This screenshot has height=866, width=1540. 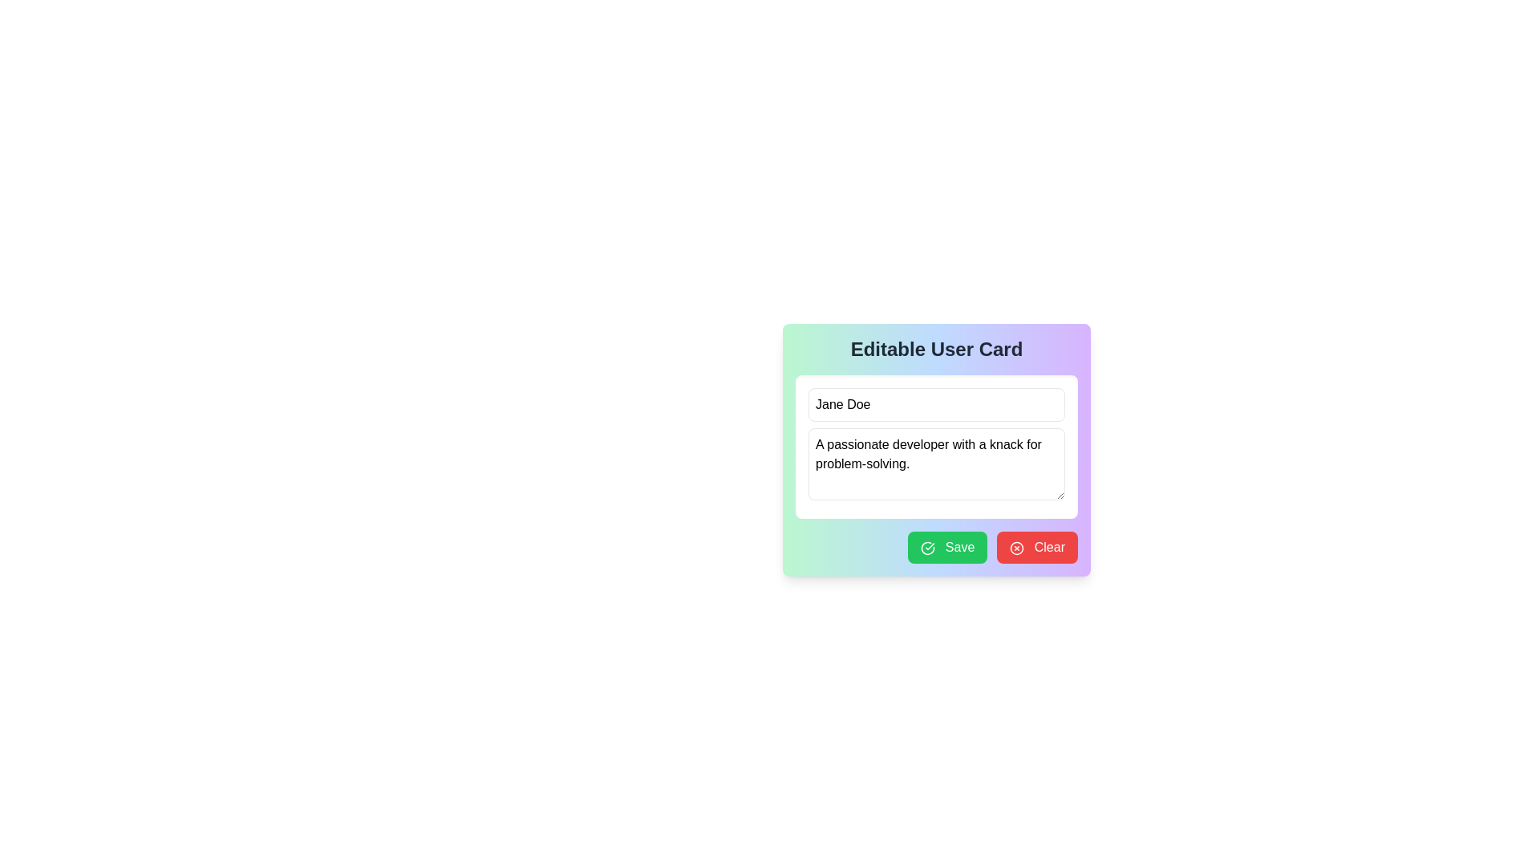 I want to click on the 'Save' button with a green background and a white checkmark icon, so click(x=947, y=546).